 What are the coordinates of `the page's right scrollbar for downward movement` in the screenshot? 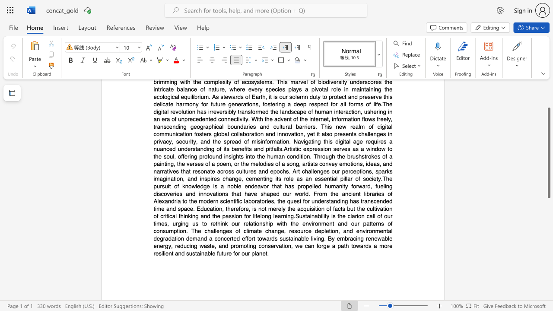 It's located at (548, 263).